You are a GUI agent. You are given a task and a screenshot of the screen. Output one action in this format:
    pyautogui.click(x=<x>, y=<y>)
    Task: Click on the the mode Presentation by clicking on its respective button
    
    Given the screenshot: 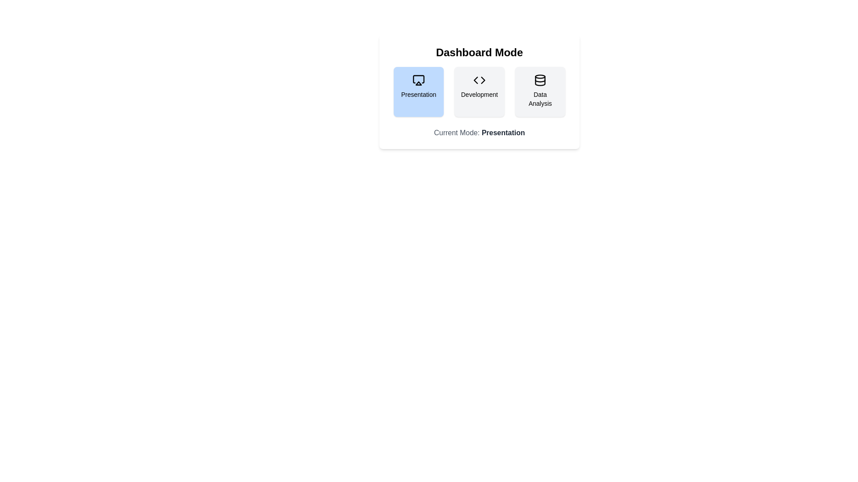 What is the action you would take?
    pyautogui.click(x=418, y=91)
    